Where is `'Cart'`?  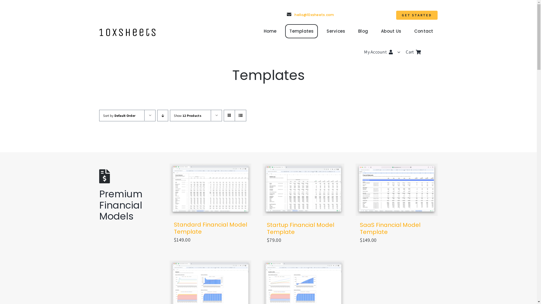
'Cart' is located at coordinates (406, 52).